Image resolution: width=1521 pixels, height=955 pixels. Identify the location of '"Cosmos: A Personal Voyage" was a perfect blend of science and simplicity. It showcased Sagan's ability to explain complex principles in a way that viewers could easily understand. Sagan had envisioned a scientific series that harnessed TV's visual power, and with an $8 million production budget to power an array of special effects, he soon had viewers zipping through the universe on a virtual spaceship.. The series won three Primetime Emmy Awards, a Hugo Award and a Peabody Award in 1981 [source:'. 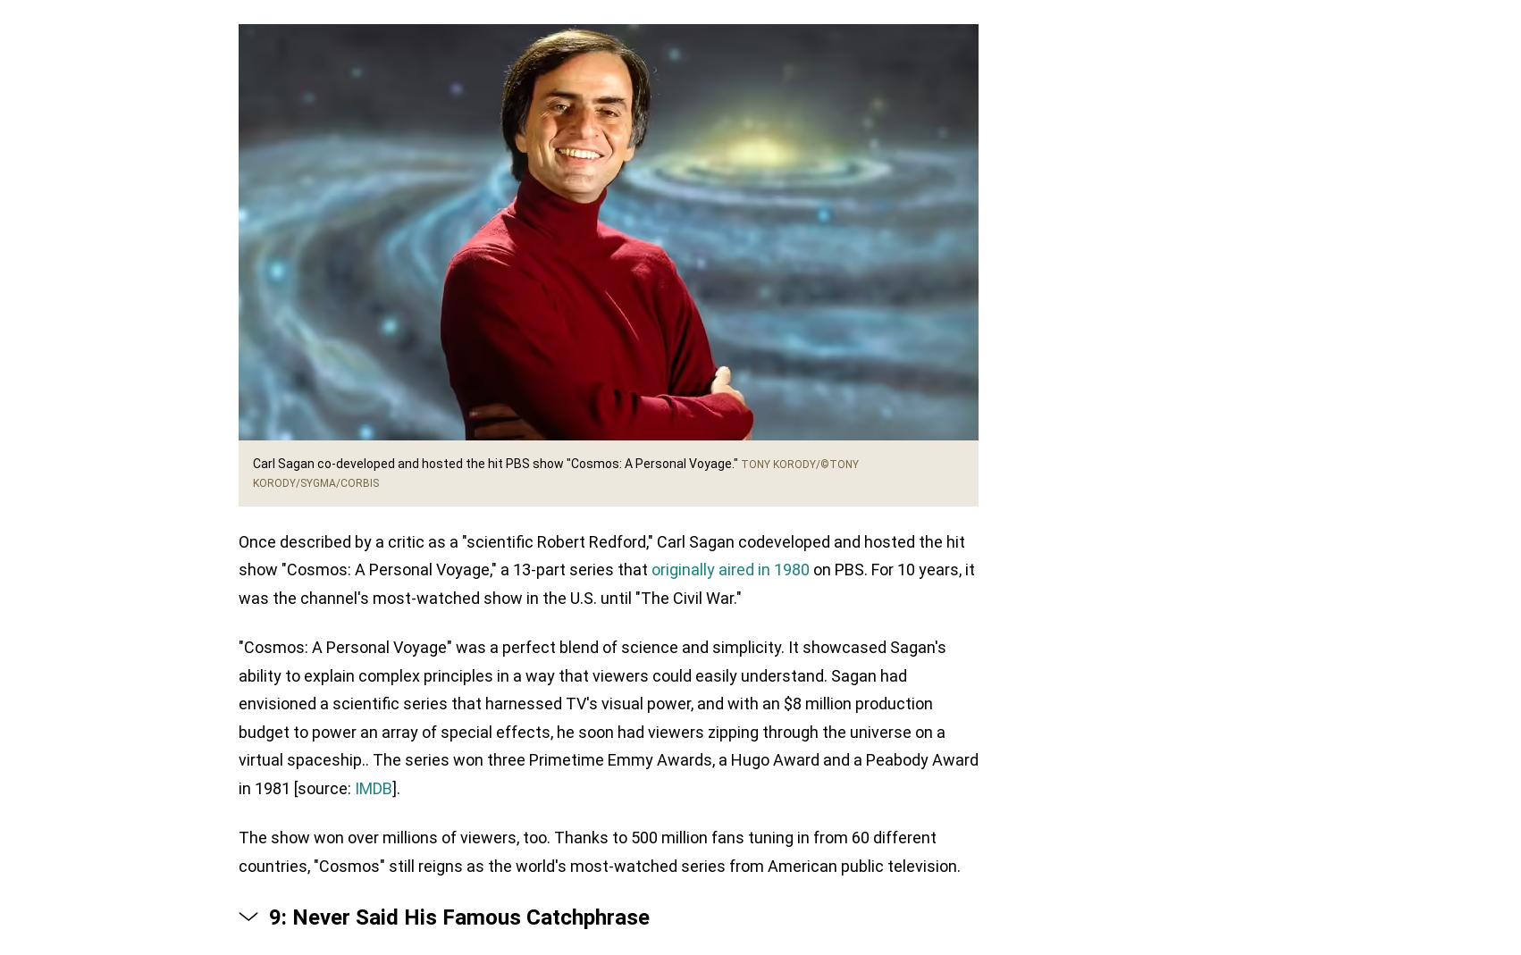
(238, 717).